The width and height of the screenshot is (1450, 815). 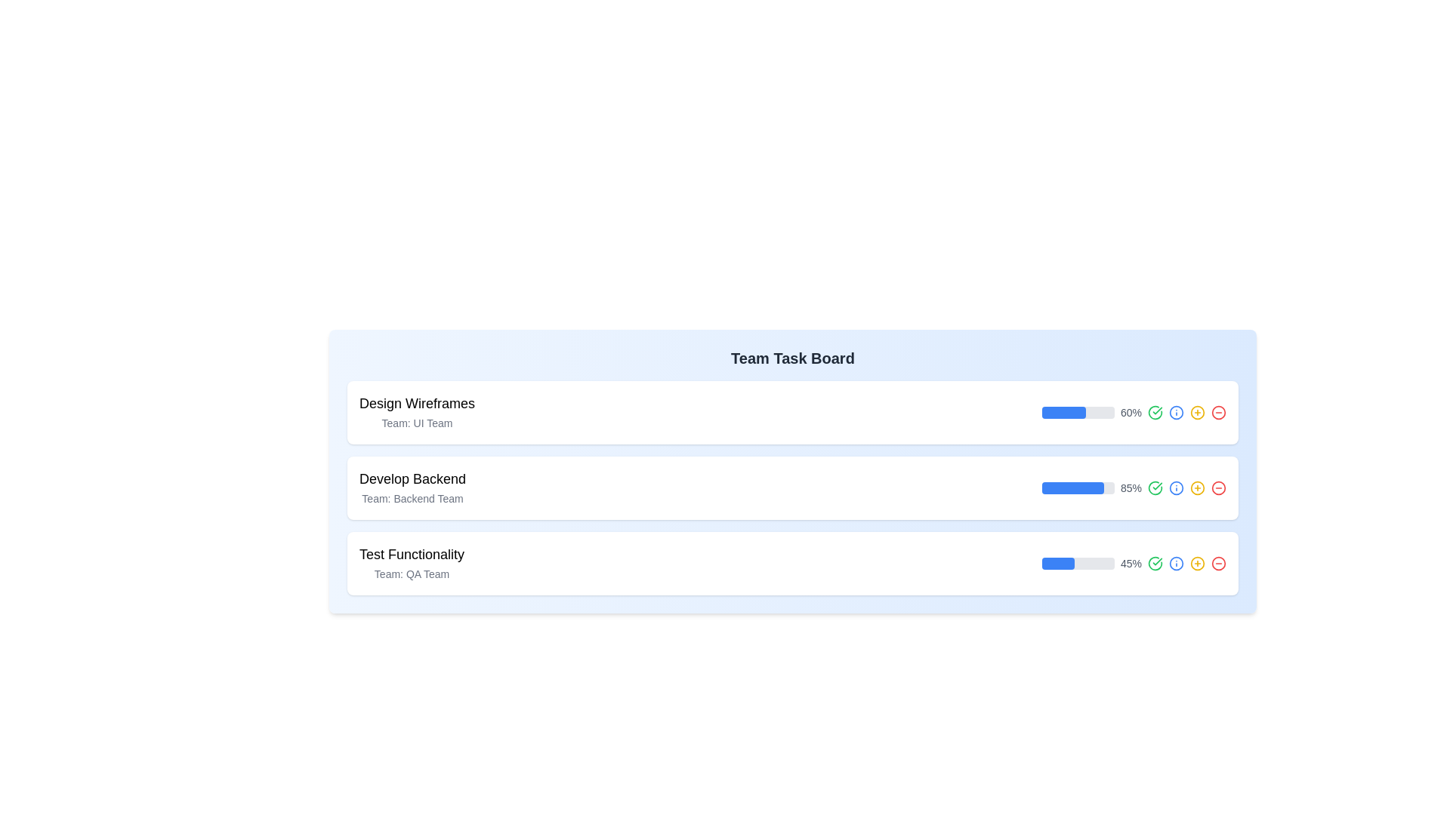 I want to click on the filled portion of the progress bar, which is a blue rectangular bar with rounded edges, representing task progress under the 'Test Functionality' line, so click(x=1057, y=564).